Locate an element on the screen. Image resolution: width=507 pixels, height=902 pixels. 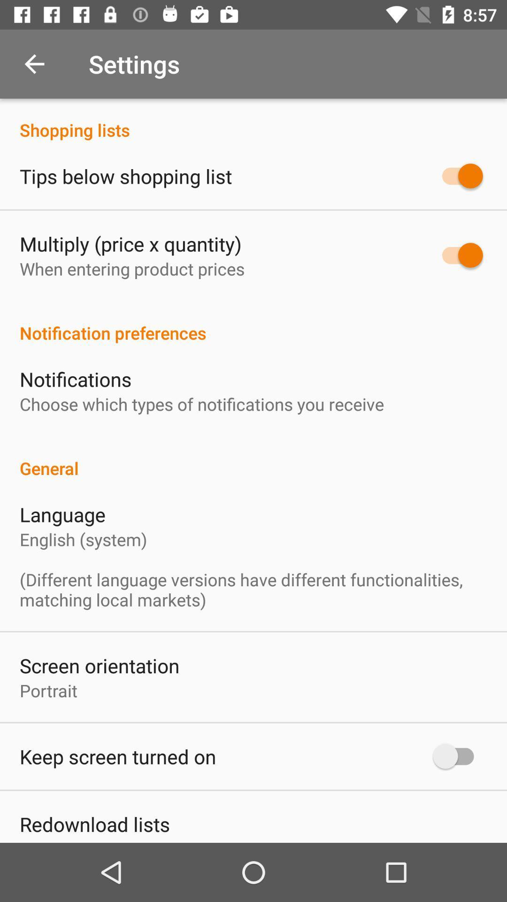
the item above the shopping lists is located at coordinates (34, 63).